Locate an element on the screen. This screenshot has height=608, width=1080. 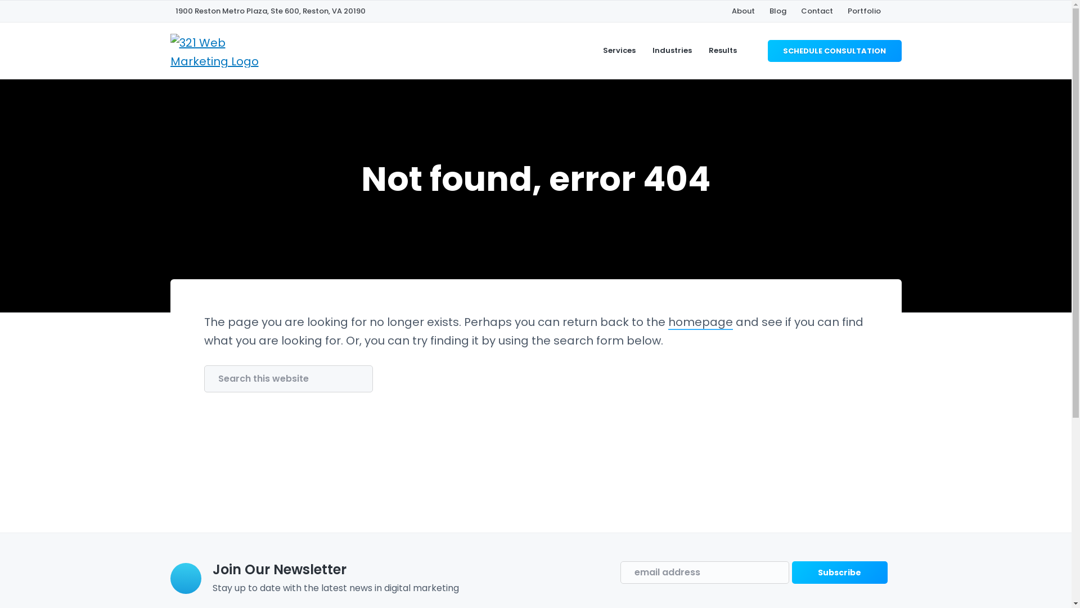
'Blog' is located at coordinates (769, 11).